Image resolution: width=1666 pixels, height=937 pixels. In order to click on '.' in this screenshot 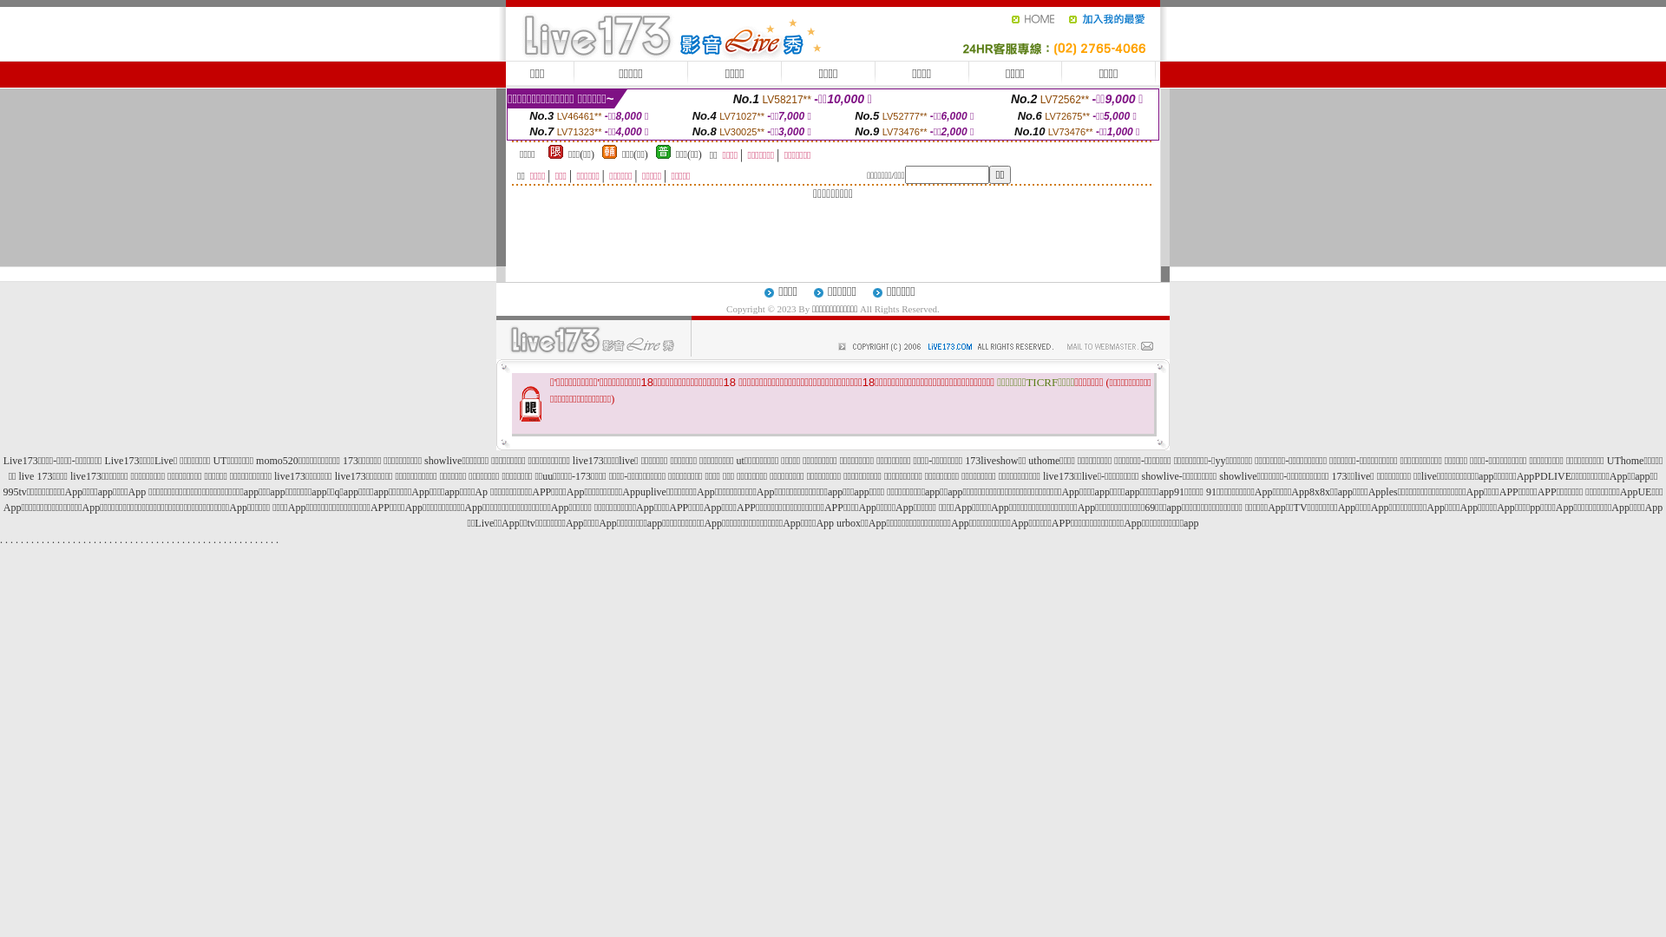, I will do `click(167, 538)`.